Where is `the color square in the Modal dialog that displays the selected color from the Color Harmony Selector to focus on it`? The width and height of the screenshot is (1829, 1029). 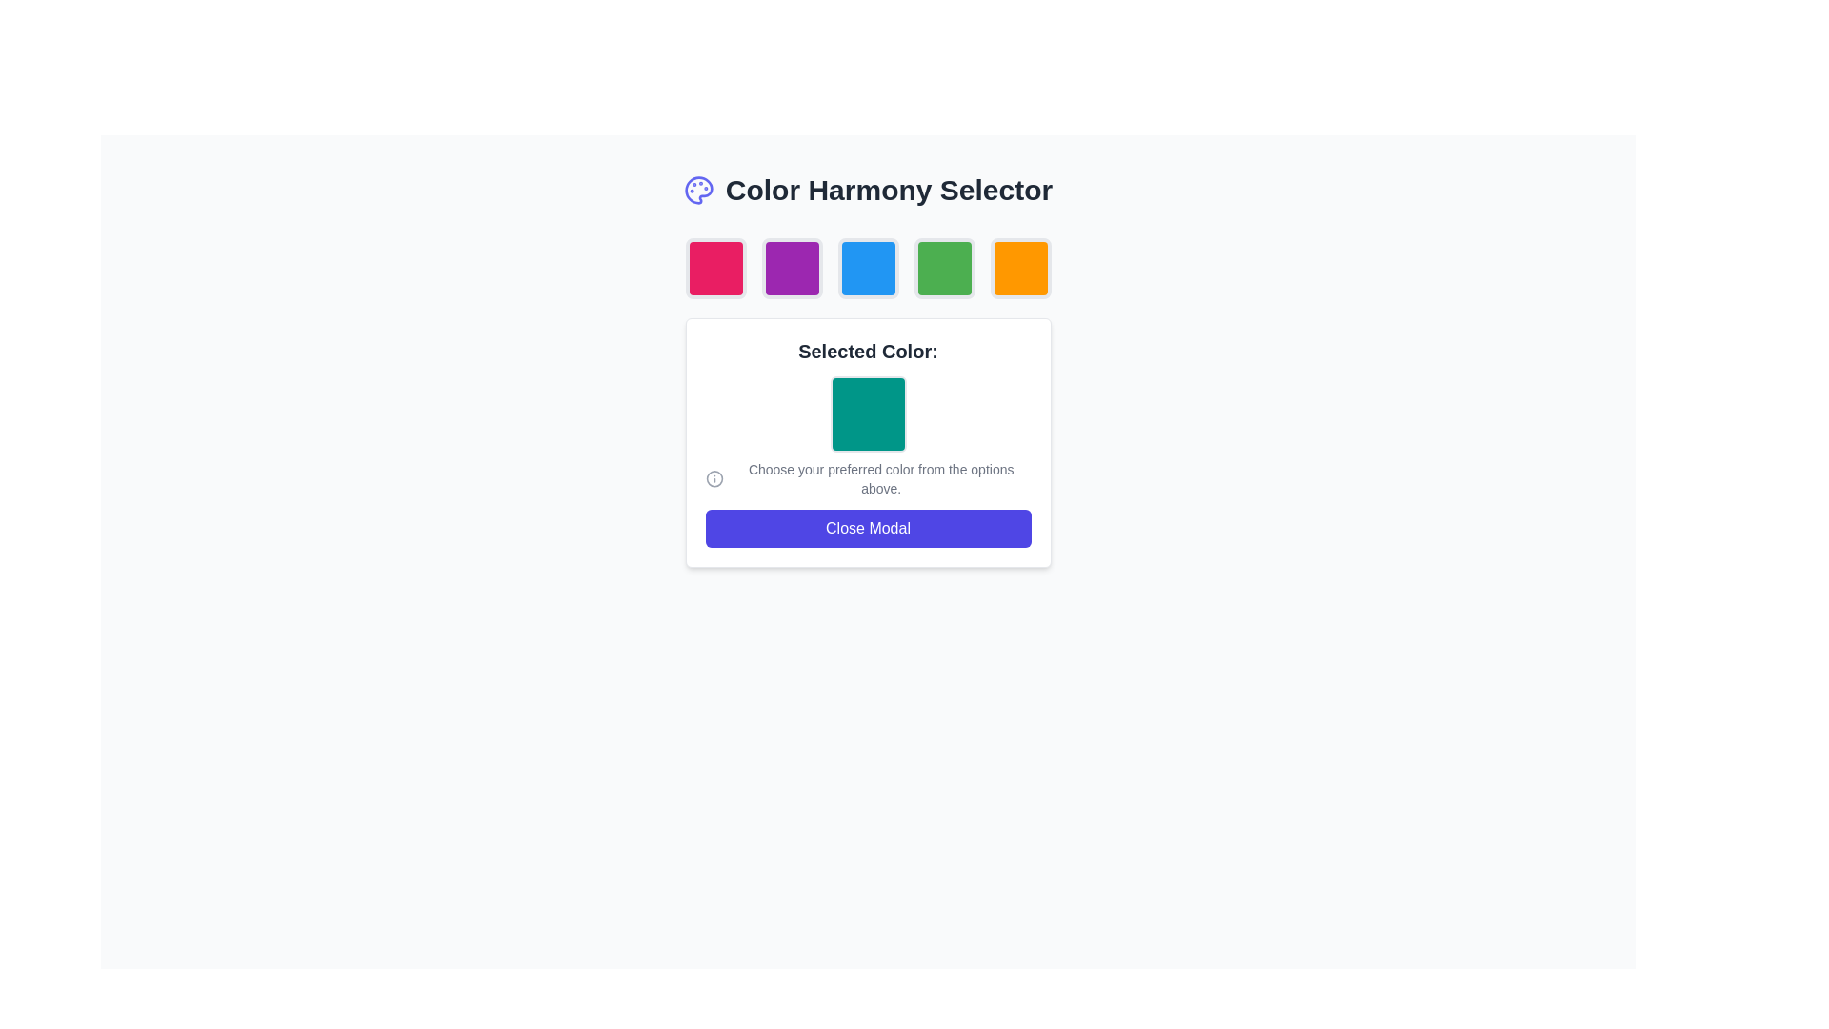 the color square in the Modal dialog that displays the selected color from the Color Harmony Selector to focus on it is located at coordinates (867, 402).